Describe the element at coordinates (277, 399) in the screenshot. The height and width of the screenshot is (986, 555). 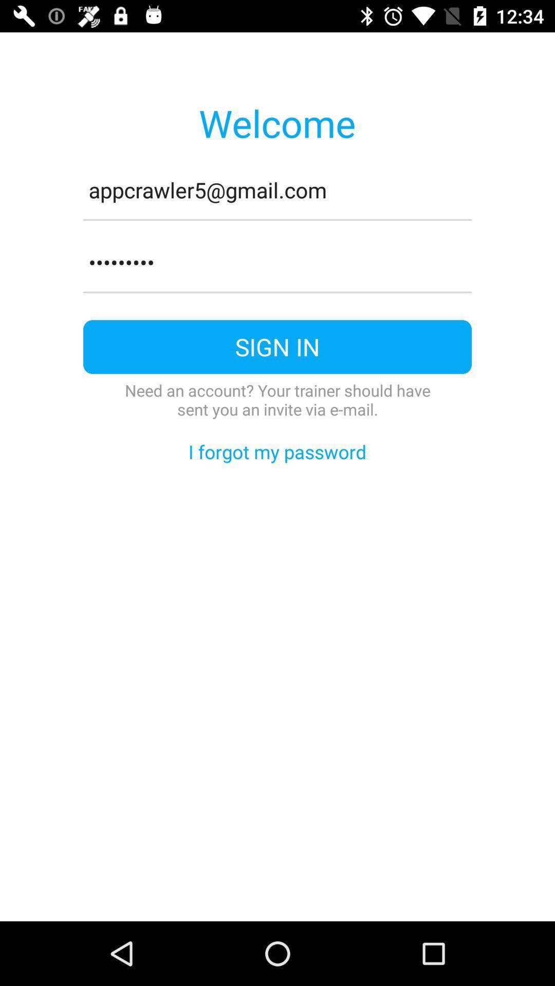
I see `the need an account icon` at that location.